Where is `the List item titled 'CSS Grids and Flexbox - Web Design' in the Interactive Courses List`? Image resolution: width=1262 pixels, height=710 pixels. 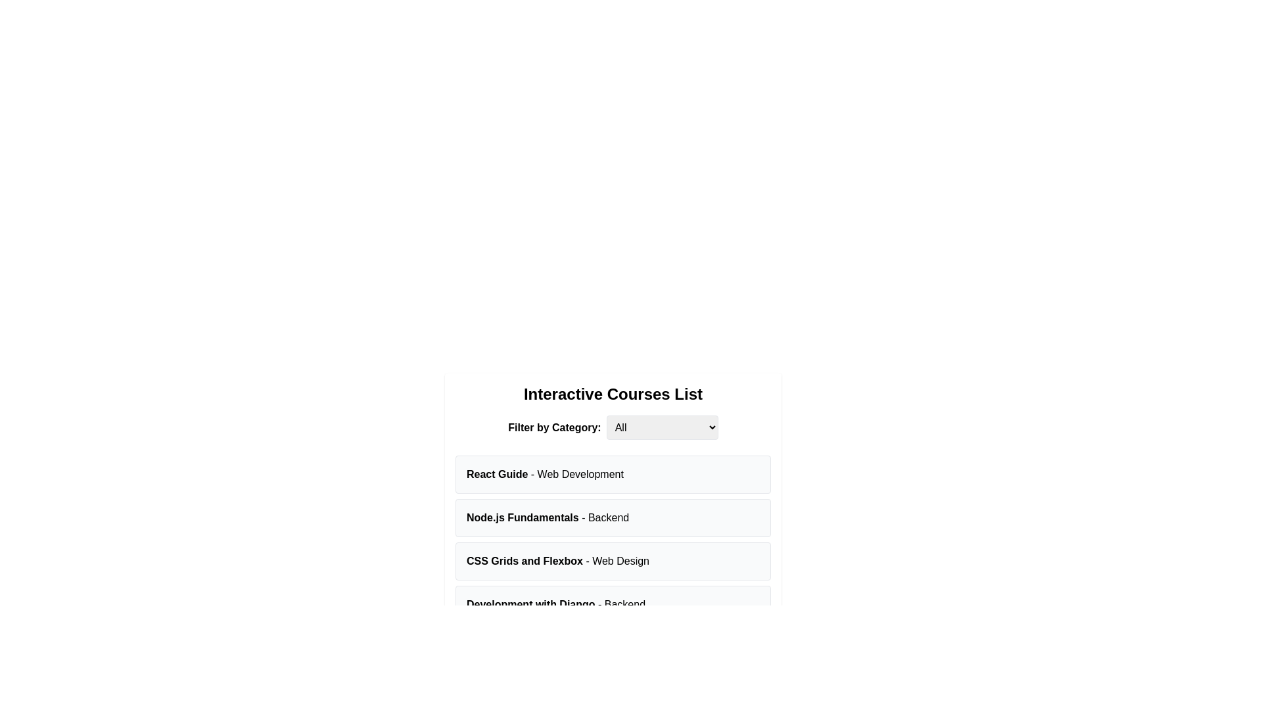 the List item titled 'CSS Grids and Flexbox - Web Design' in the Interactive Courses List is located at coordinates (612, 561).